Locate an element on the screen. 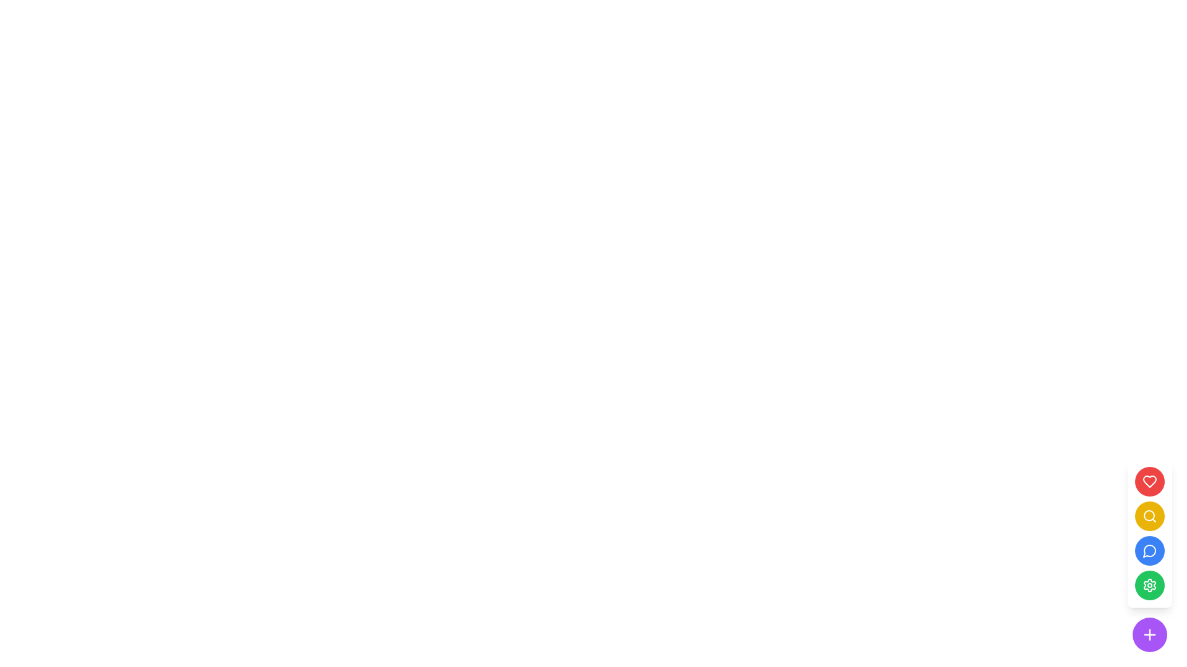 The image size is (1187, 667). the magnifying glass icon button located in the vertical button bar on the right side of the interface is located at coordinates (1149, 516).